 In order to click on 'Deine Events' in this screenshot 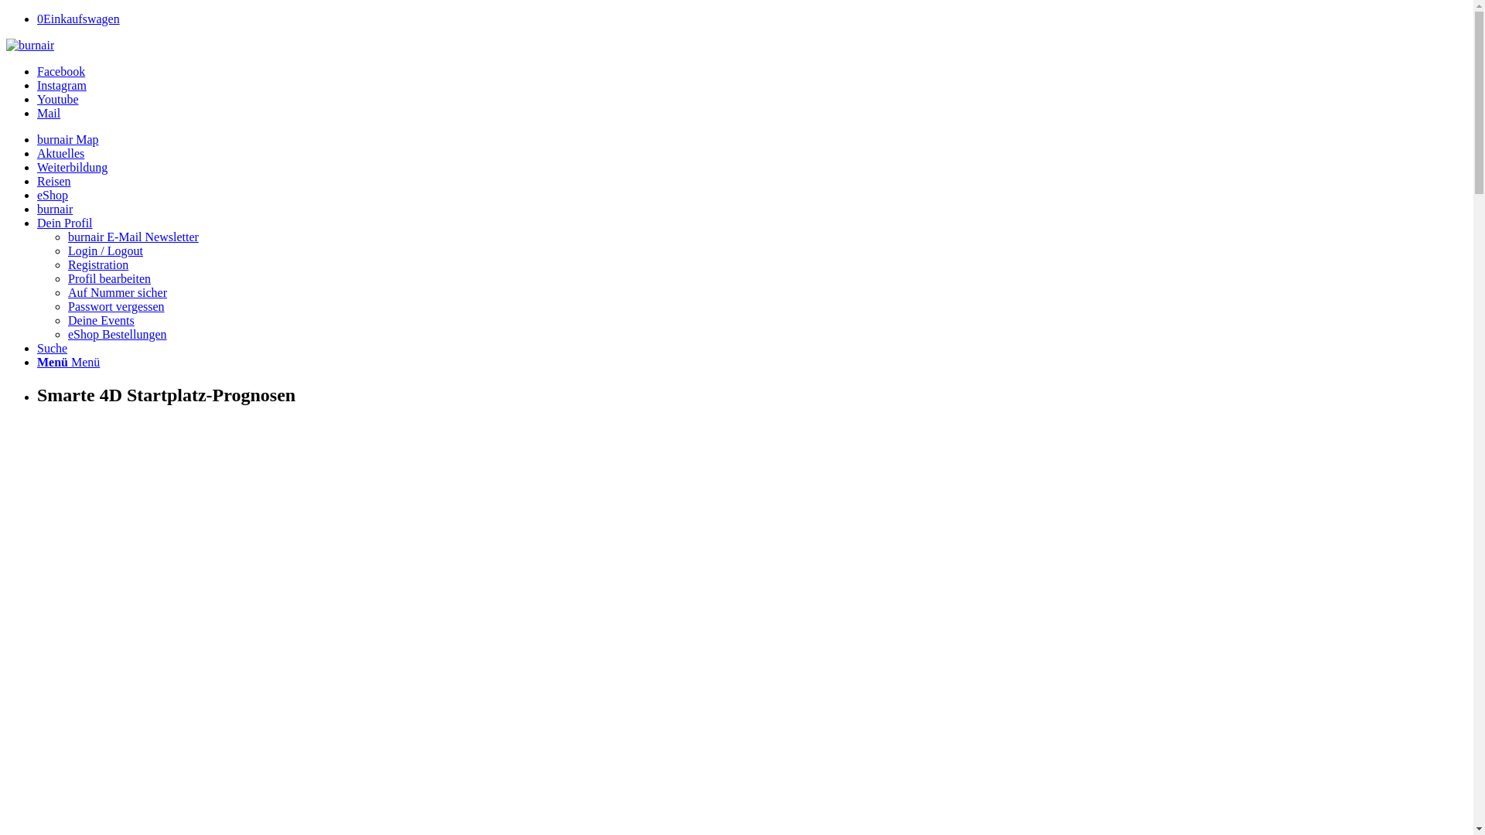, I will do `click(67, 319)`.